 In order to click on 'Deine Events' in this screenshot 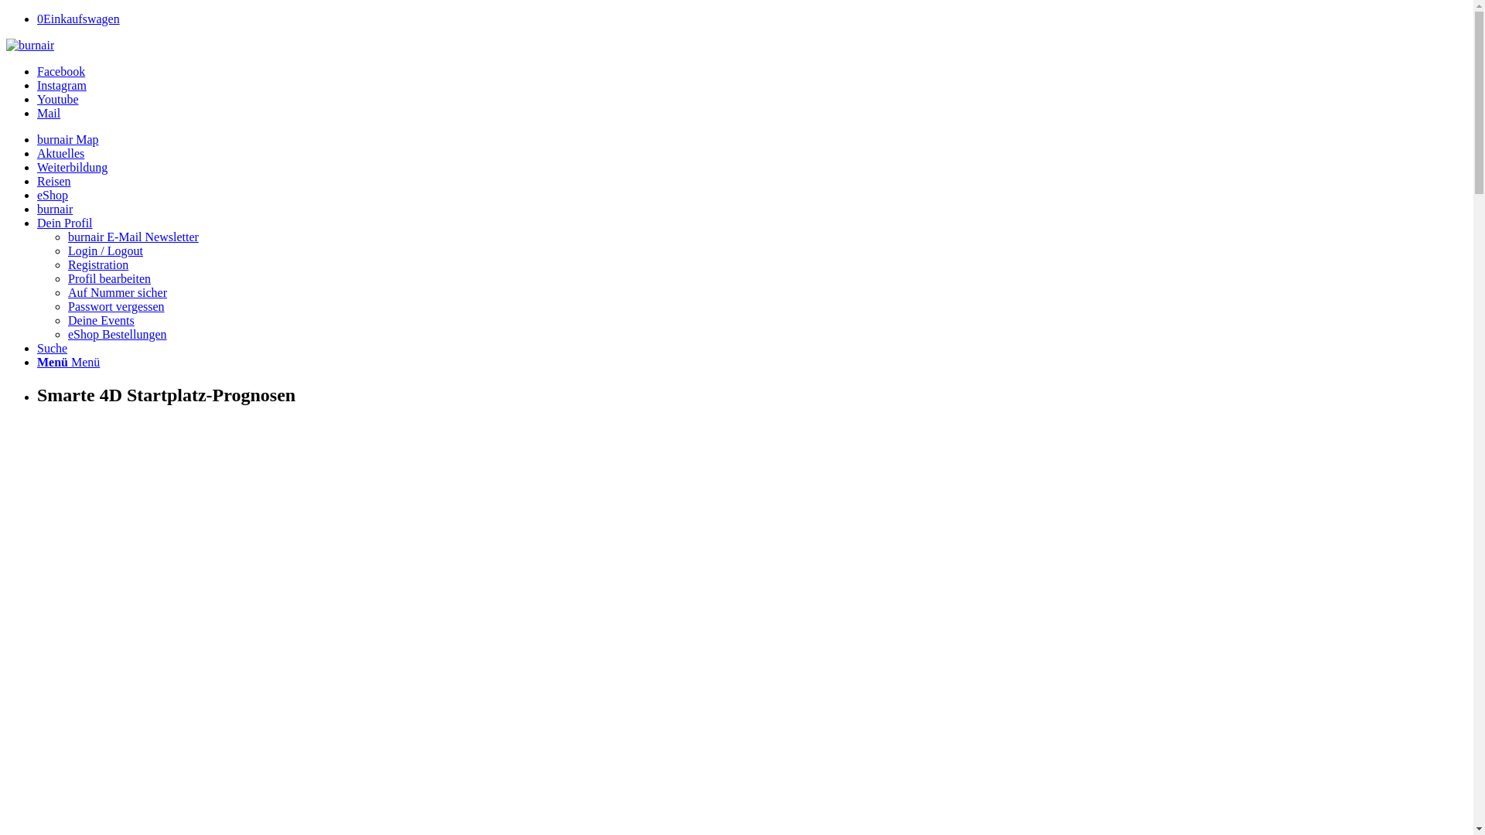, I will do `click(67, 319)`.